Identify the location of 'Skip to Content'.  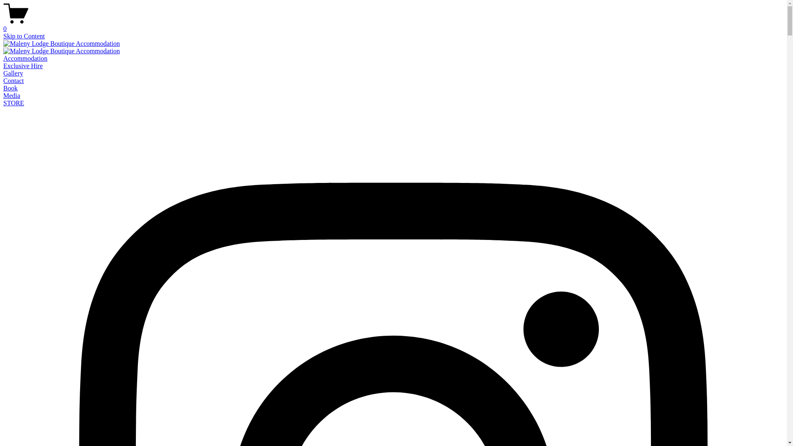
(24, 36).